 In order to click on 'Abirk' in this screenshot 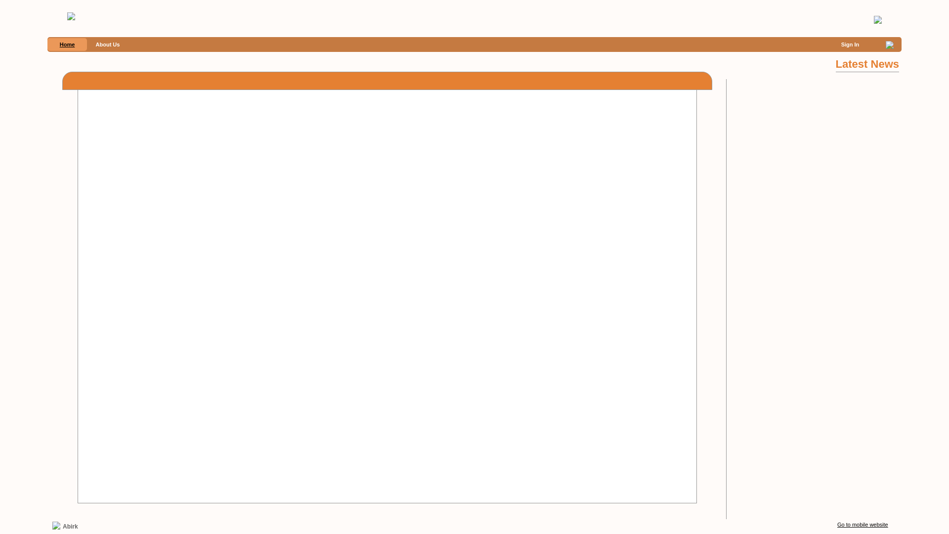, I will do `click(62, 526)`.